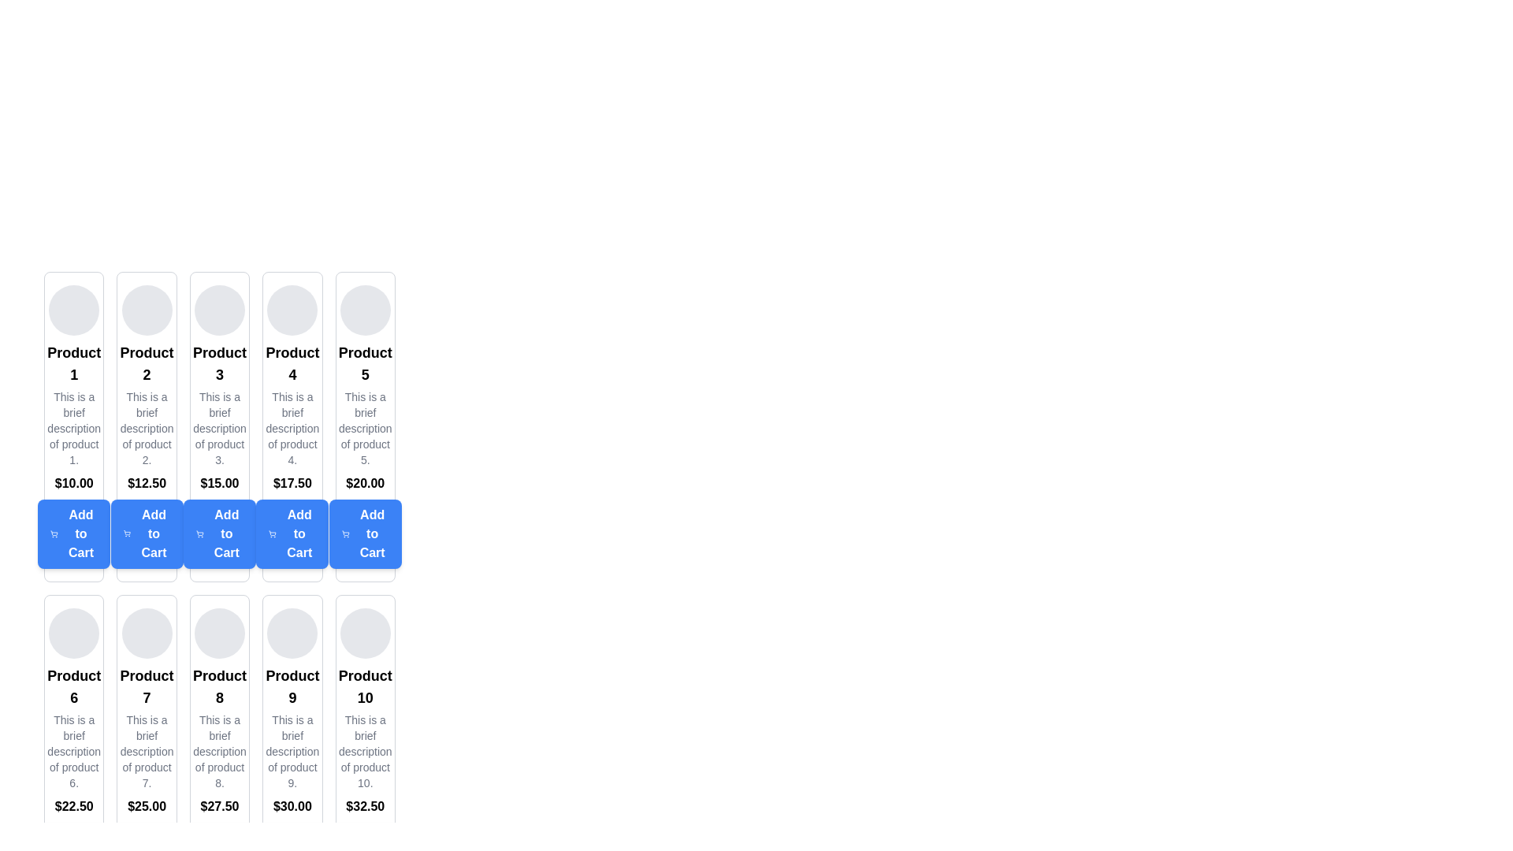 This screenshot has width=1513, height=851. I want to click on the text label displaying 'Product 7', which is bold and centered within the seventh card in the grid layout, so click(147, 686).